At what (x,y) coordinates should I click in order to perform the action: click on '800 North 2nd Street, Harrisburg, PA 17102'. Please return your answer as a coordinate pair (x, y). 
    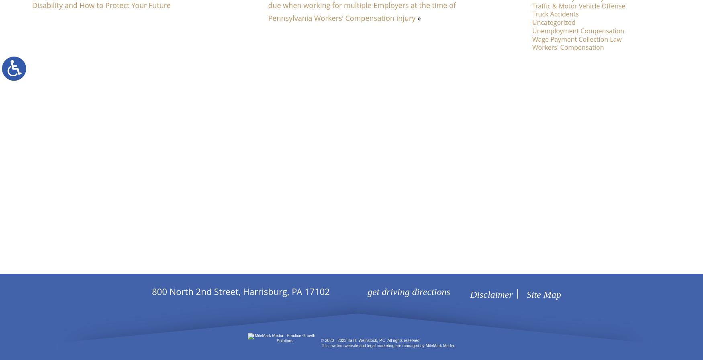
    Looking at the image, I should click on (241, 291).